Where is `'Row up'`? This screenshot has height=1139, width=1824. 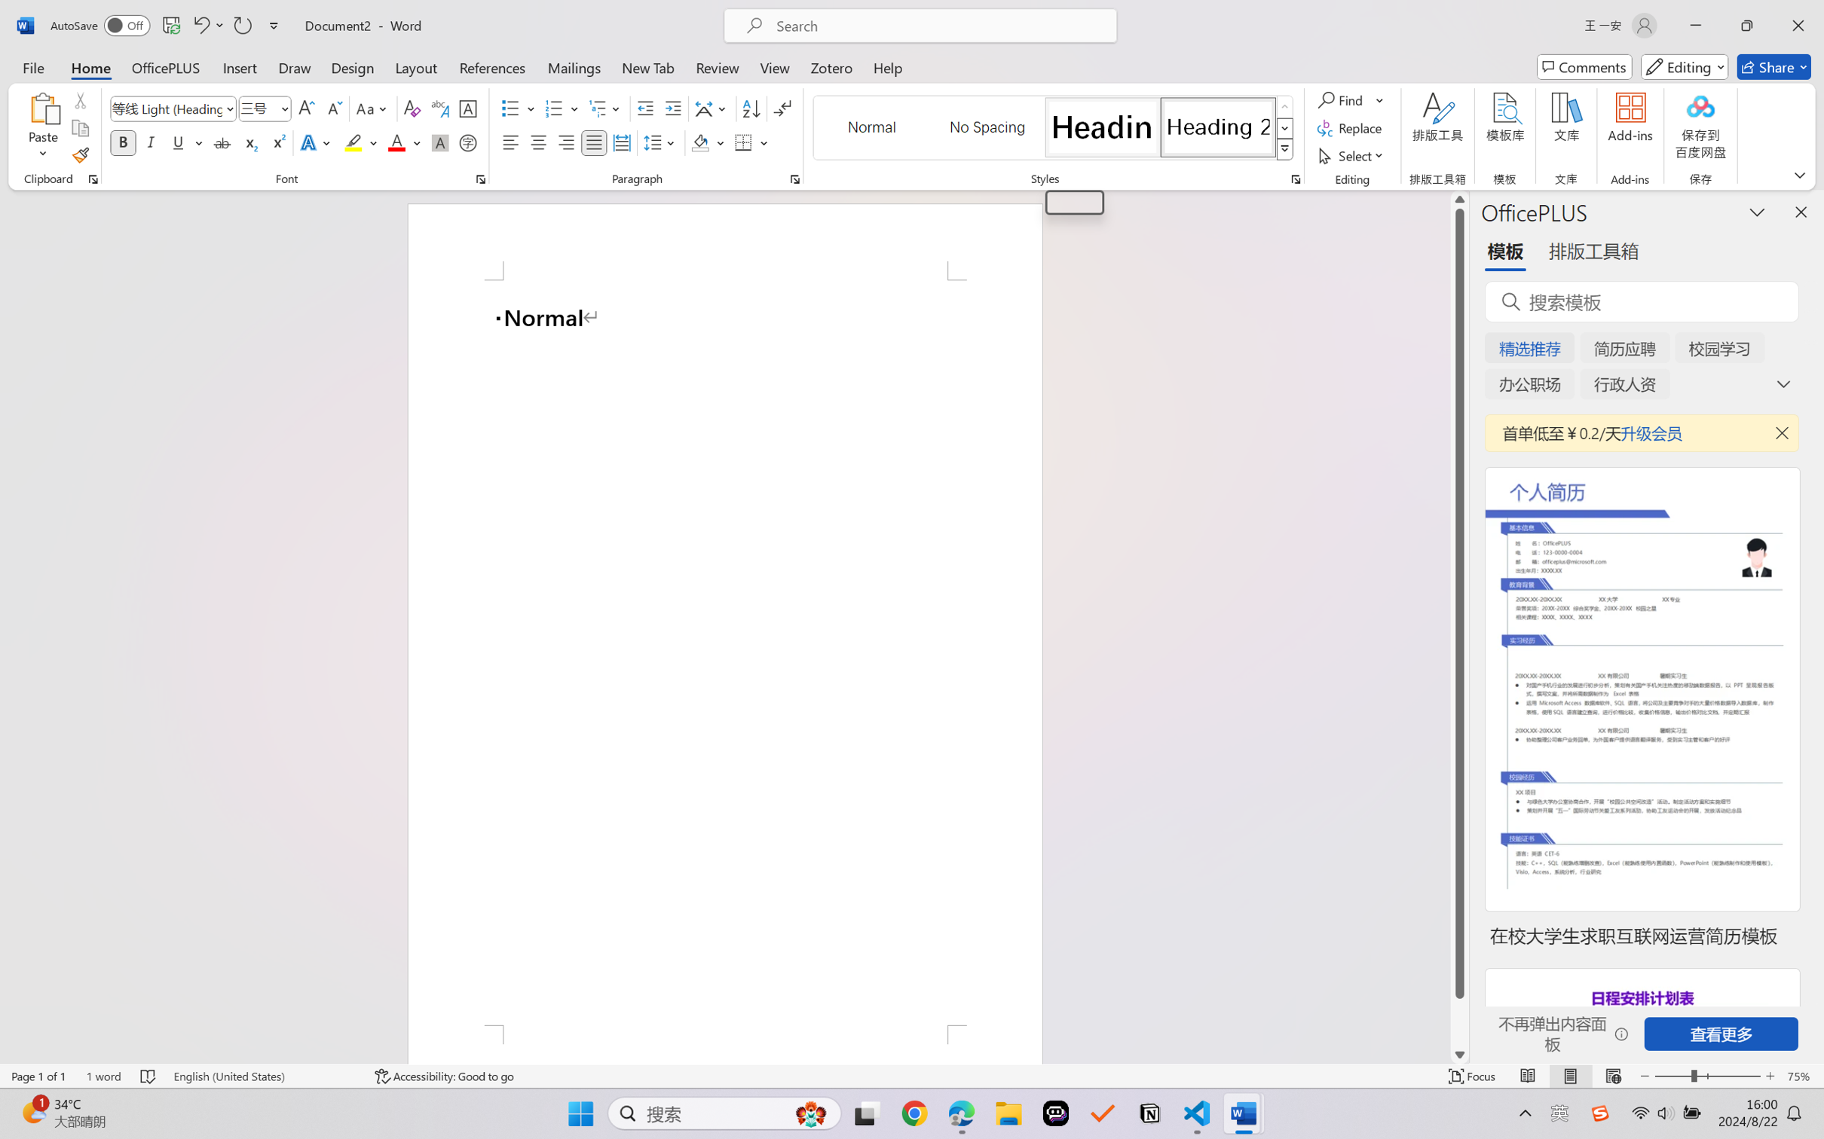 'Row up' is located at coordinates (1284, 106).